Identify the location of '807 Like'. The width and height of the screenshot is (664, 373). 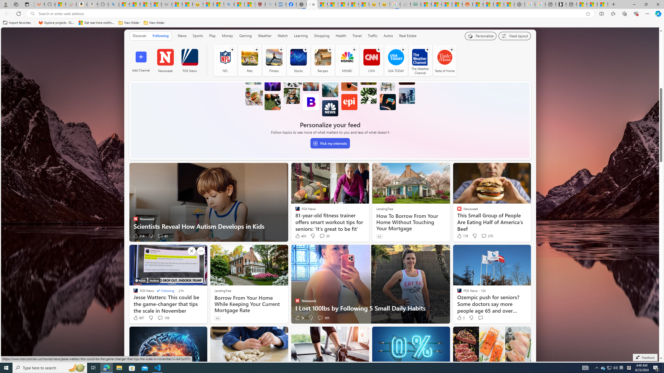
(138, 317).